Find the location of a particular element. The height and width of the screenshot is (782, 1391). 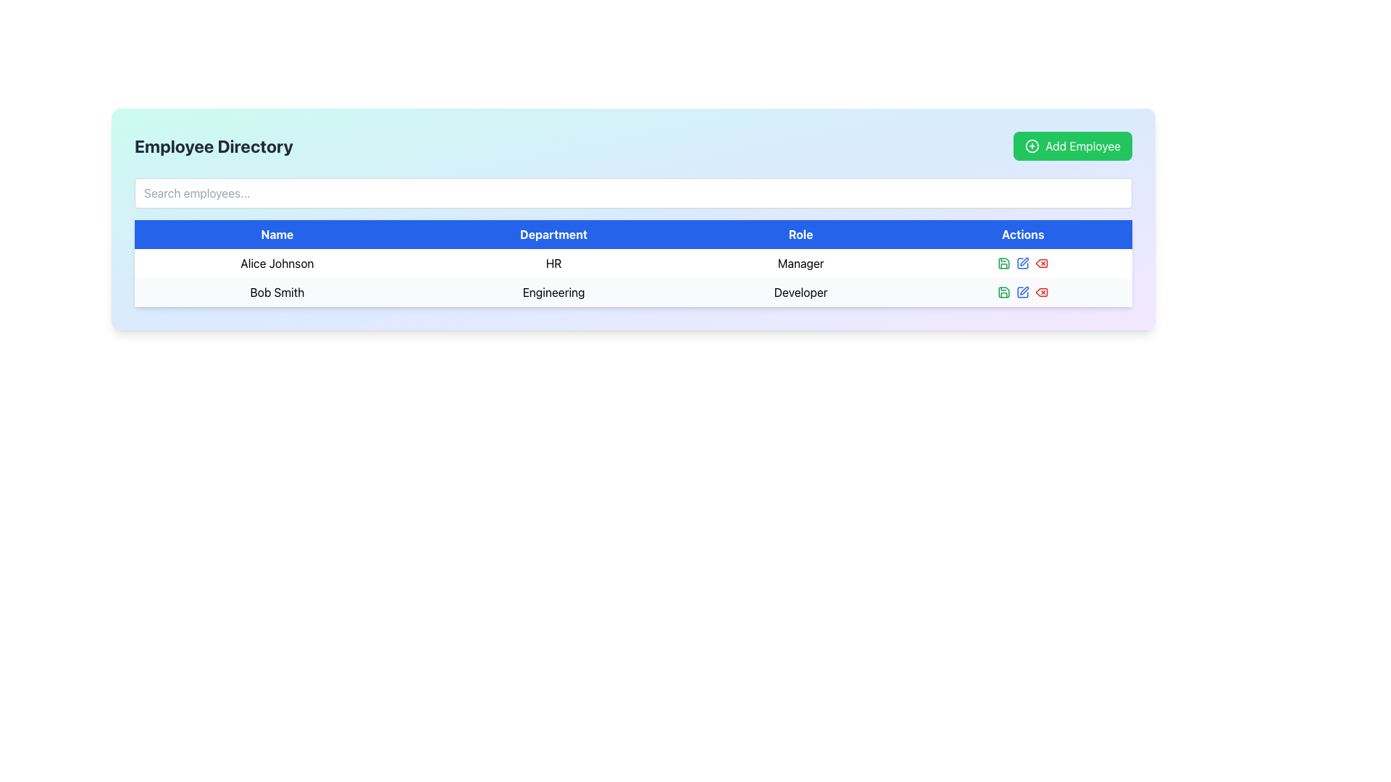

text contained within the Text Label located in the second column of the second row of the table, which is styled with a white background and centered alignment is located at coordinates (553, 293).